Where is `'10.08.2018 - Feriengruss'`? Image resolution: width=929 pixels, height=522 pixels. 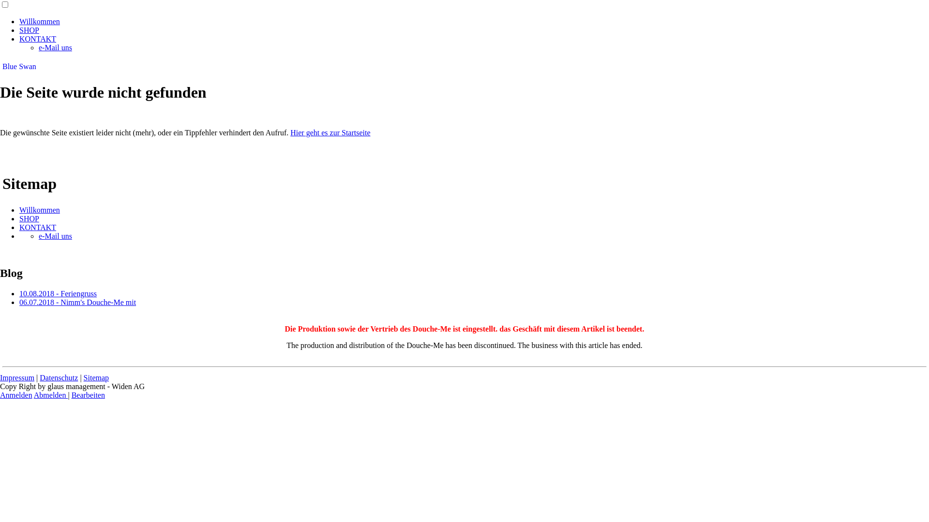
'10.08.2018 - Feriengruss' is located at coordinates (58, 293).